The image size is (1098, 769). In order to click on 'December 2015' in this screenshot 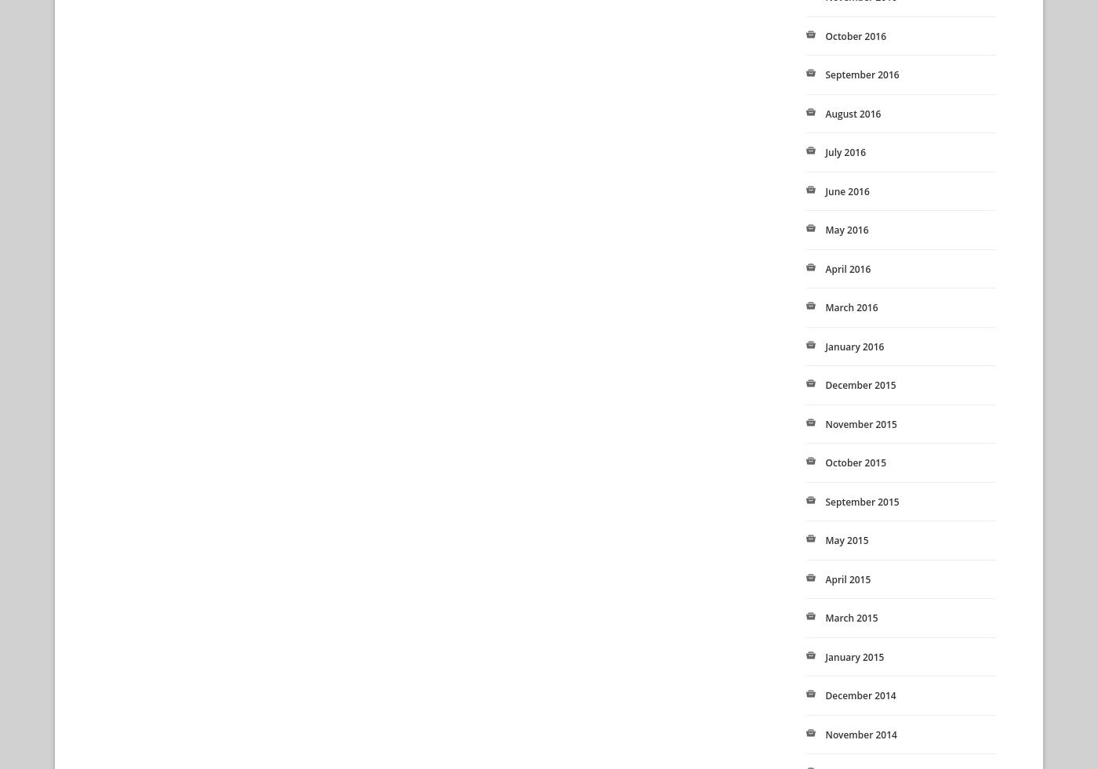, I will do `click(824, 384)`.